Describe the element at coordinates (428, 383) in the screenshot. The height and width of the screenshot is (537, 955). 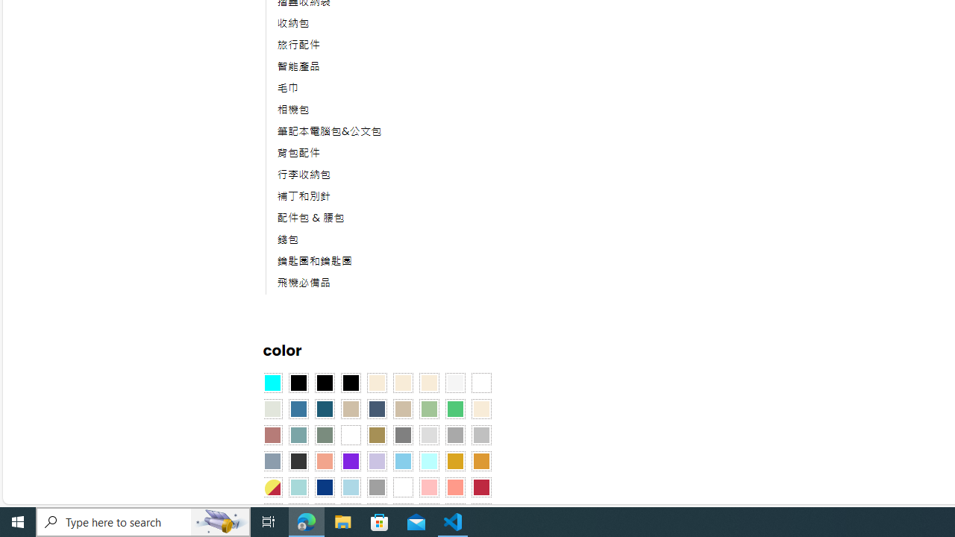
I see `'Cream'` at that location.